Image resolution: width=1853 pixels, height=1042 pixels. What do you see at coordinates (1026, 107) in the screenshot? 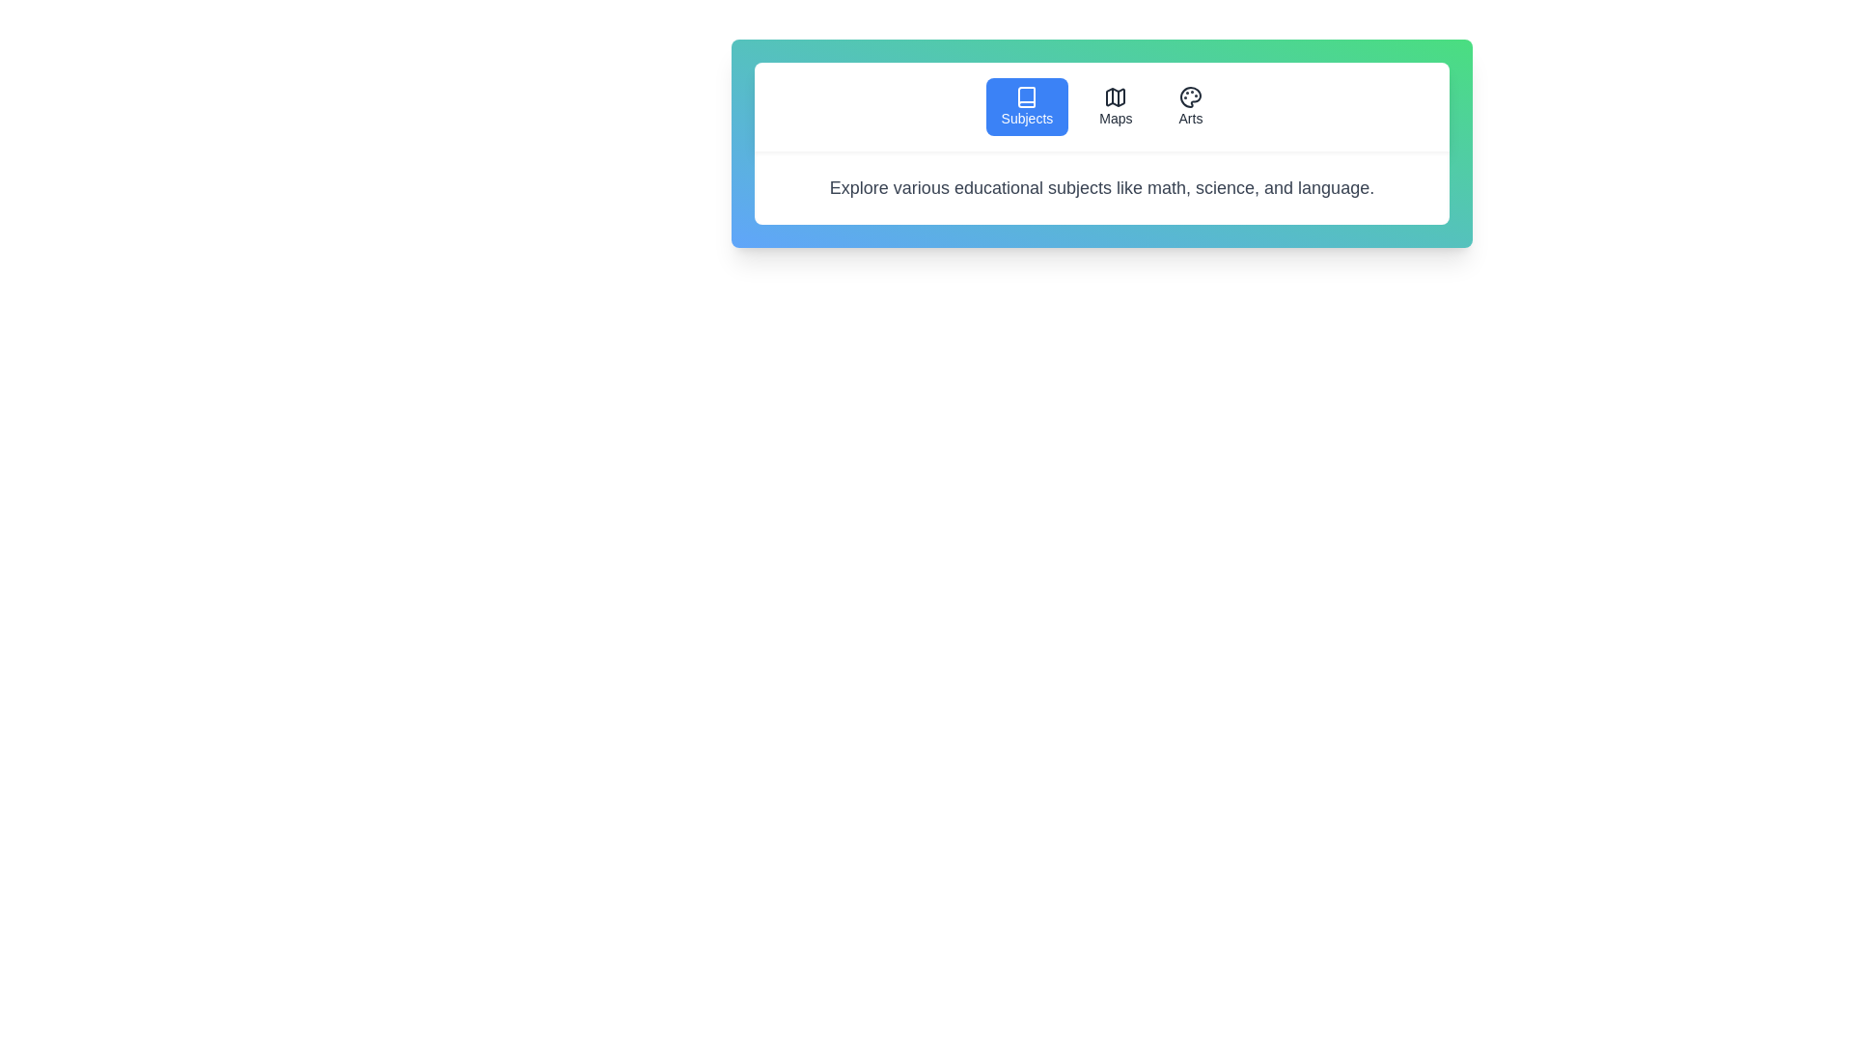
I see `the Subjects tab to view its content` at bounding box center [1026, 107].